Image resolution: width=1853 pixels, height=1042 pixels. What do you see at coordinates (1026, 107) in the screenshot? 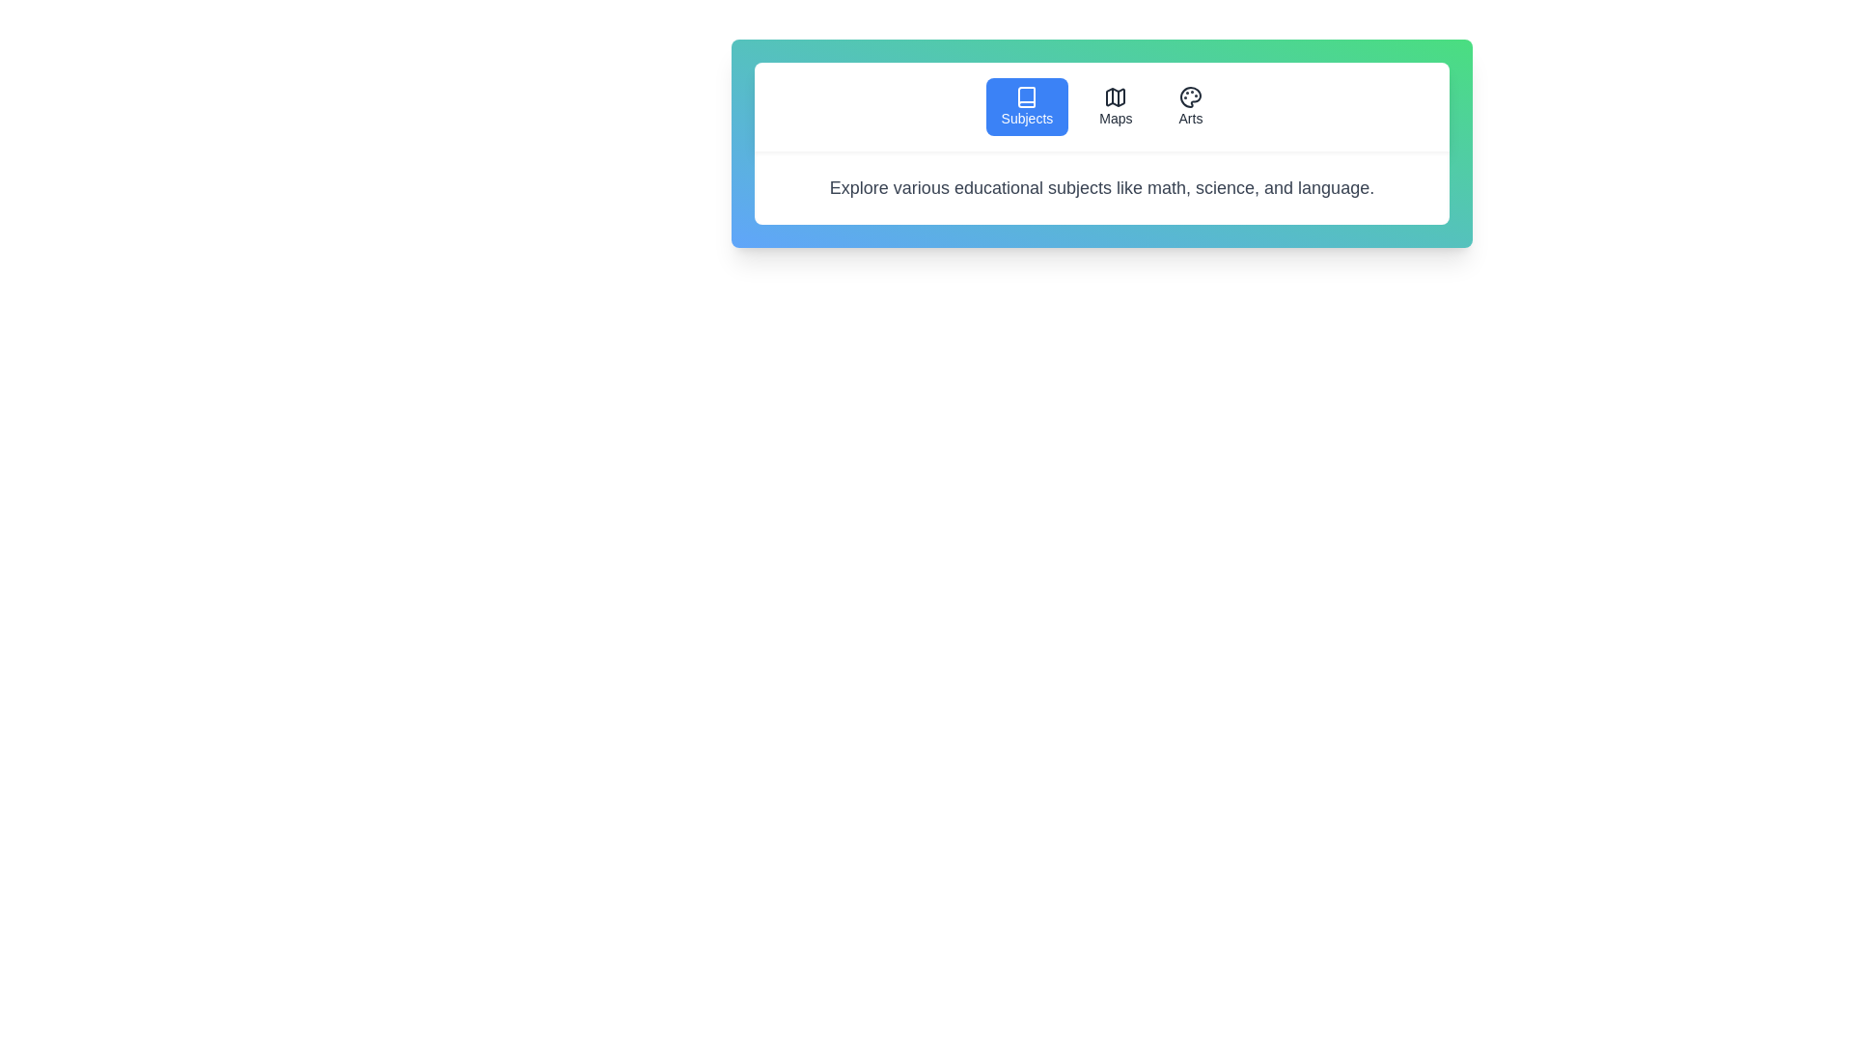
I see `the Subjects tab to view its content` at bounding box center [1026, 107].